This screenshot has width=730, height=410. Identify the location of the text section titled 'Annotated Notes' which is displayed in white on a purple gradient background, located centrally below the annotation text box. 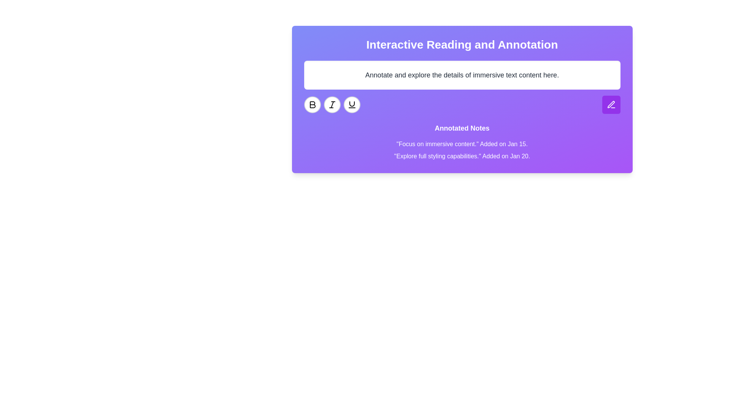
(462, 142).